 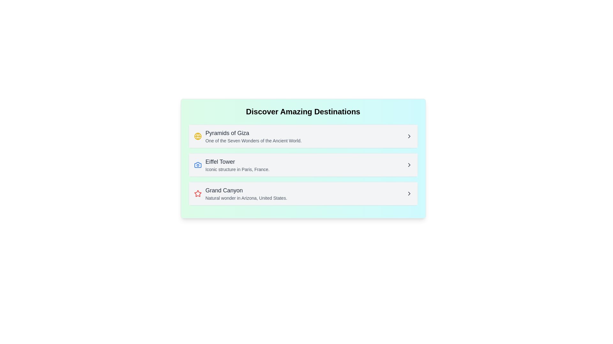 I want to click on the interactive list item that presents information about the Eiffel Tower, so click(x=303, y=158).